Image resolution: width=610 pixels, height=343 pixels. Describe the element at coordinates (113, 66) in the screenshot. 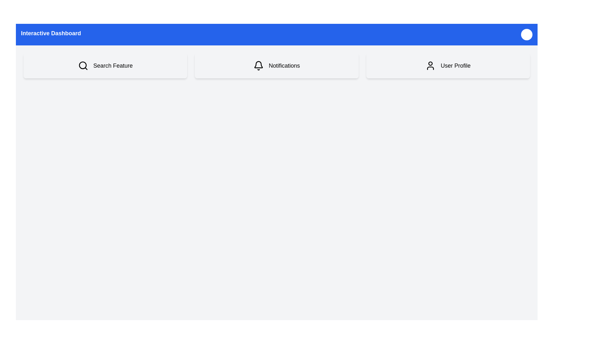

I see `the static text label displaying 'Search Feature', which is styled with a large font size and is positioned to the right of a magnifying glass icon` at that location.